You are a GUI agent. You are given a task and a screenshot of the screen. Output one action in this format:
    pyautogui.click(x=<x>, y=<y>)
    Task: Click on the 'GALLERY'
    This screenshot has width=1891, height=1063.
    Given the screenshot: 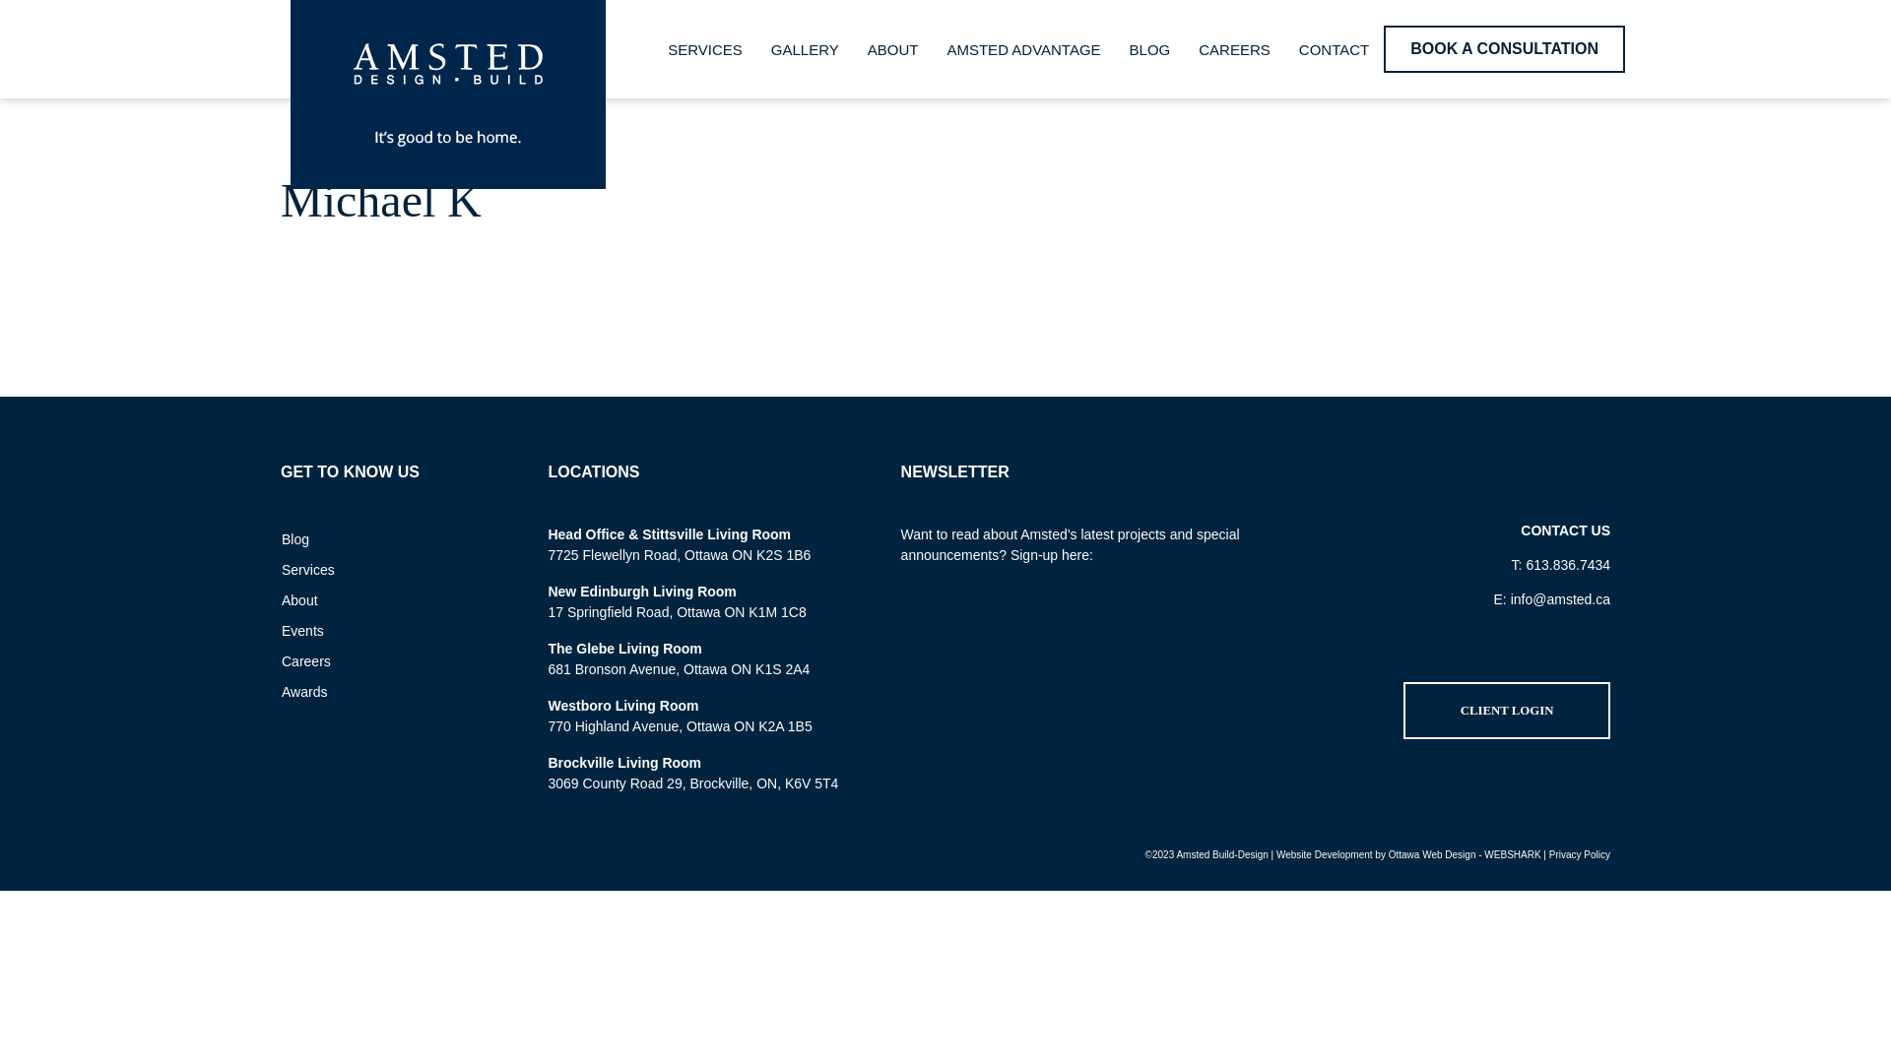 What is the action you would take?
    pyautogui.click(x=755, y=47)
    